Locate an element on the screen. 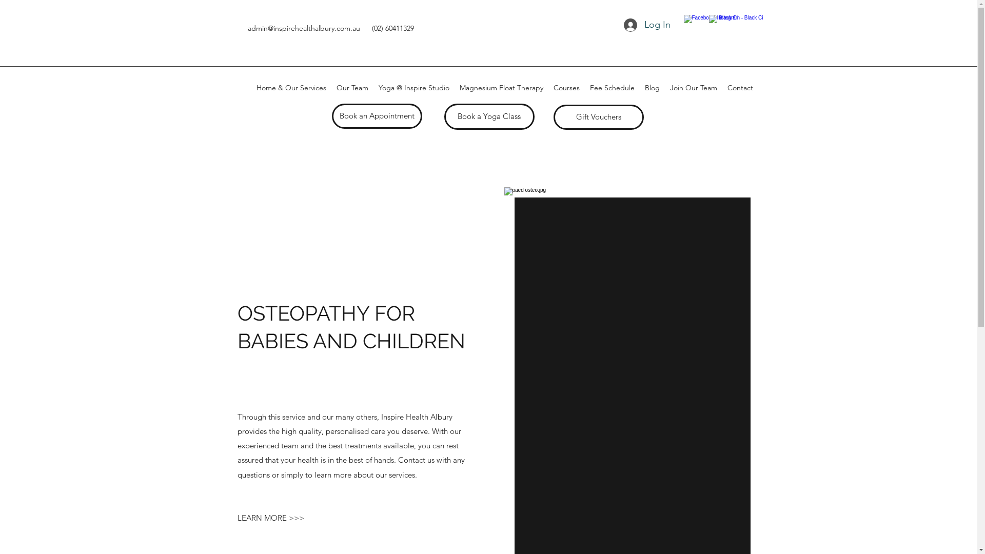 Image resolution: width=985 pixels, height=554 pixels. 'Log In' is located at coordinates (646, 25).